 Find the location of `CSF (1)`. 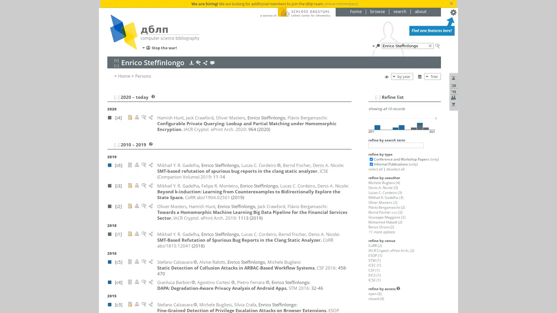

CSF (1) is located at coordinates (374, 270).